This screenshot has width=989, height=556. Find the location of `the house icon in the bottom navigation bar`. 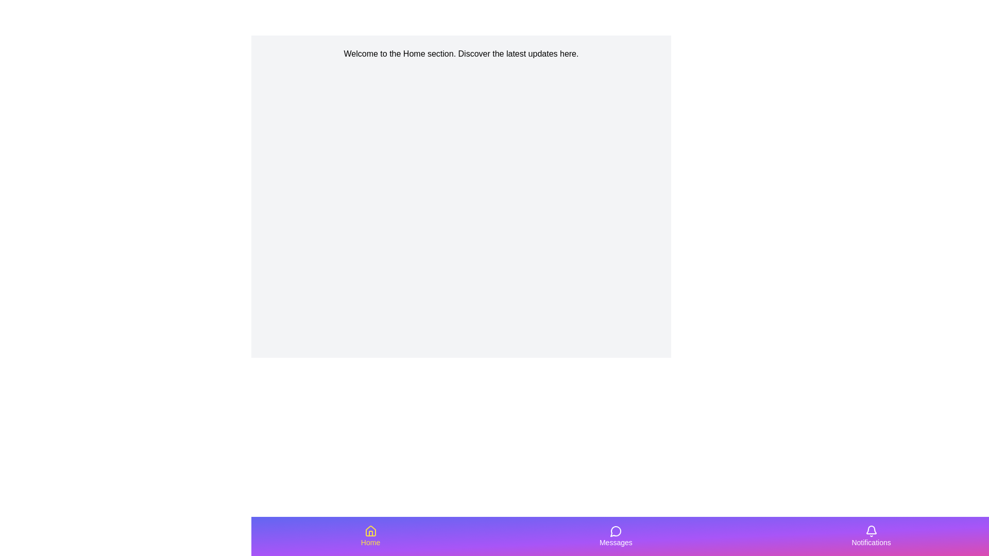

the house icon in the bottom navigation bar is located at coordinates (370, 531).